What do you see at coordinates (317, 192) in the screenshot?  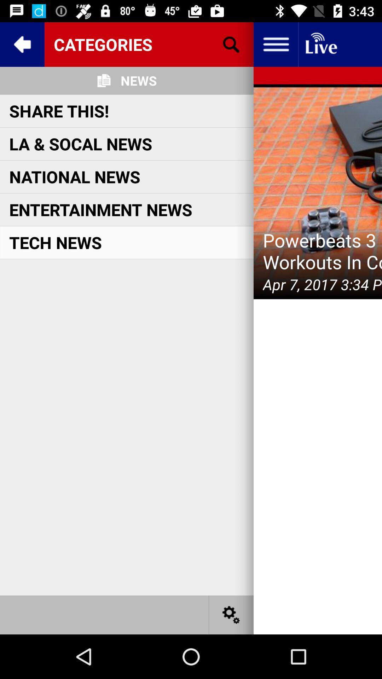 I see `icon to the right of the entertainment news` at bounding box center [317, 192].